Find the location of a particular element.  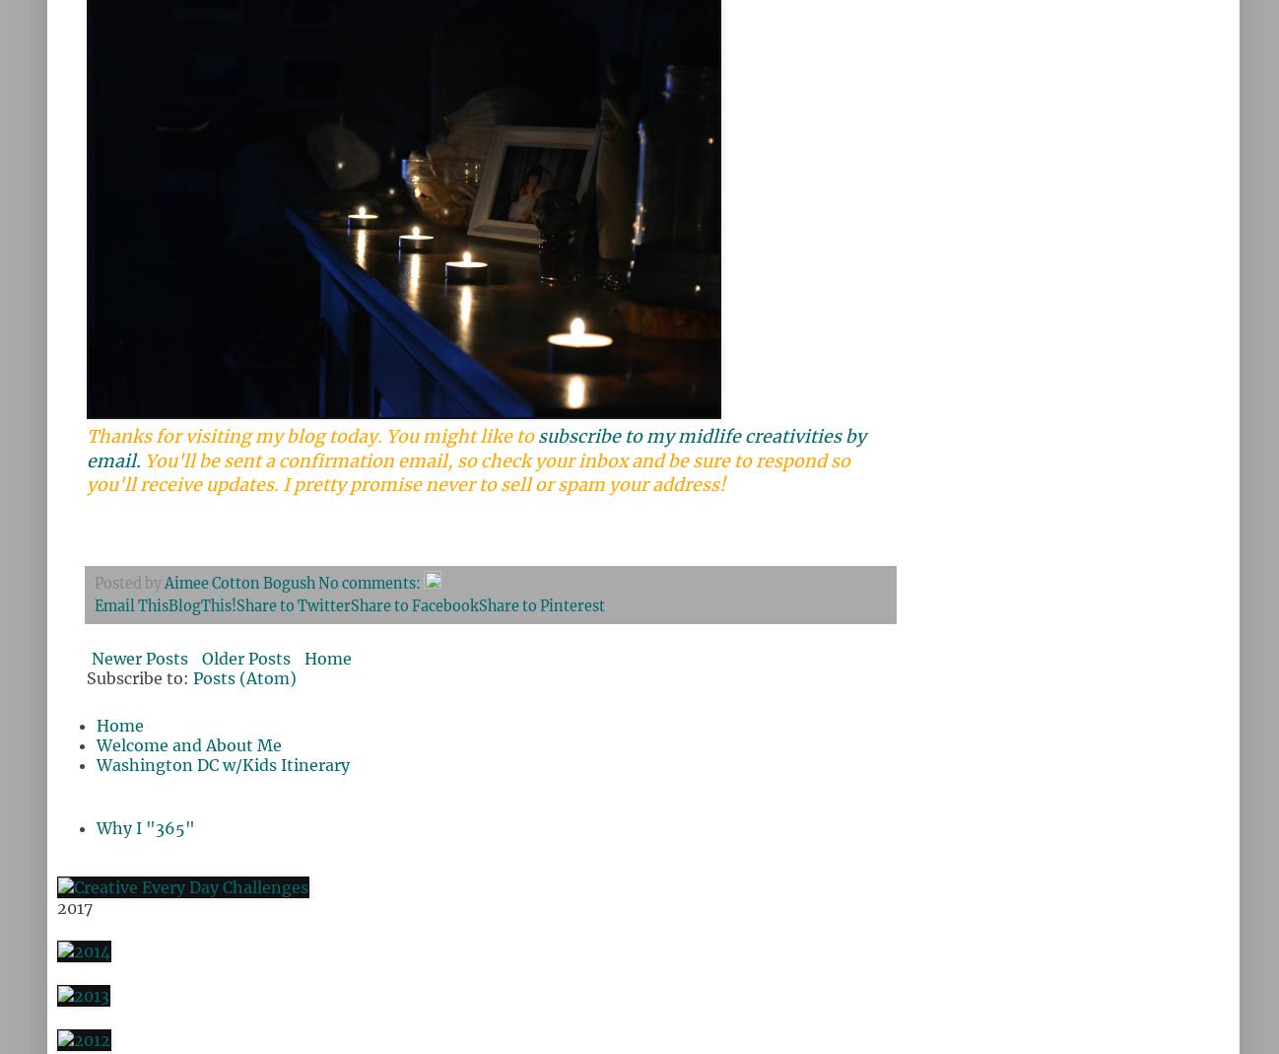

'BlogThis!' is located at coordinates (202, 605).